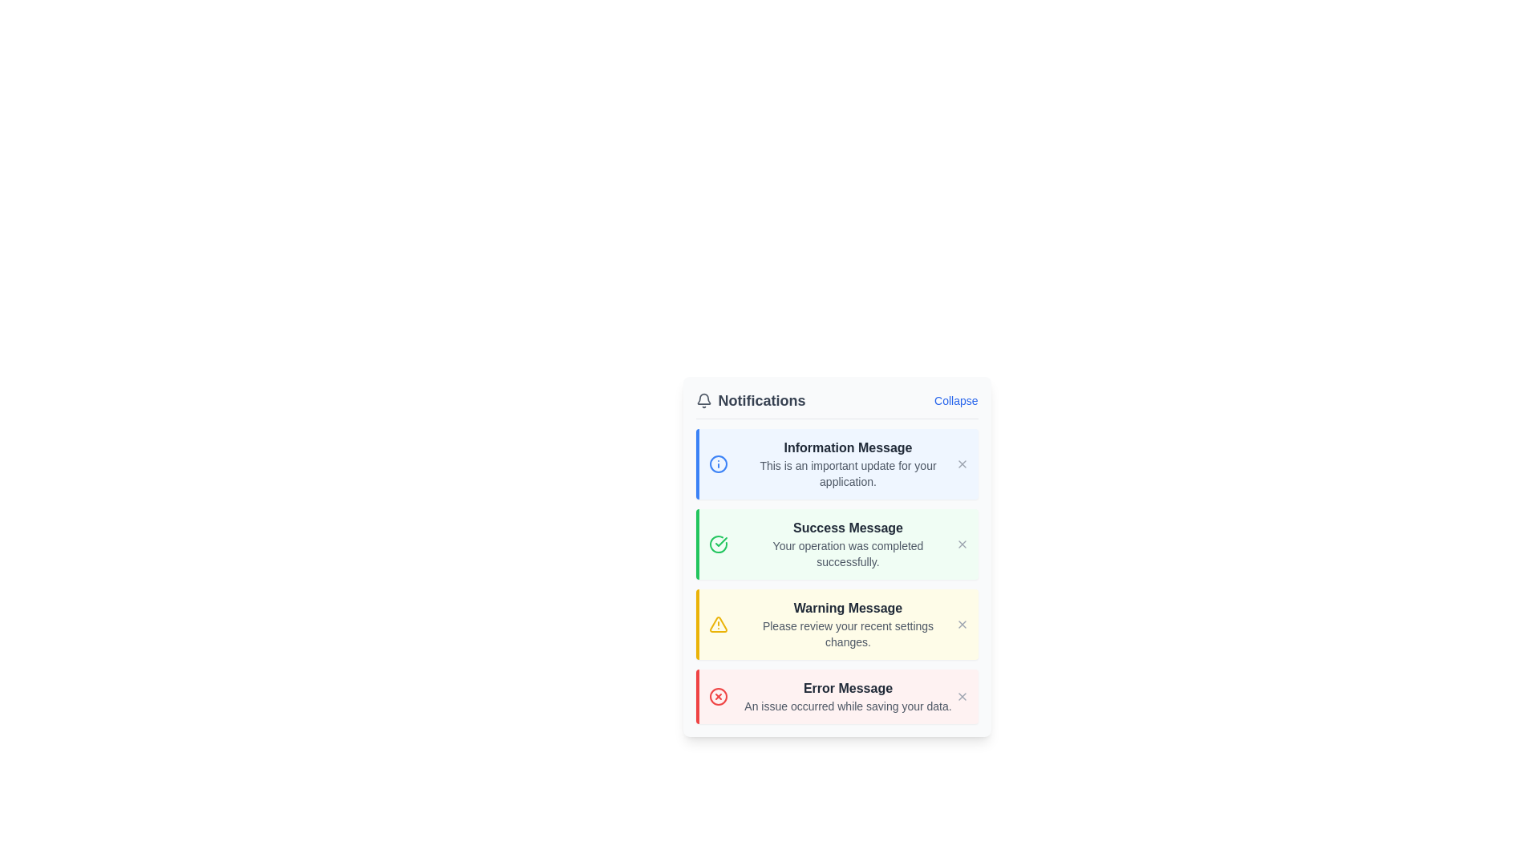 This screenshot has width=1540, height=866. Describe the element at coordinates (956, 400) in the screenshot. I see `the text-based button labeled 'Collapse' located in the top-right corner of the header section to underline it` at that location.